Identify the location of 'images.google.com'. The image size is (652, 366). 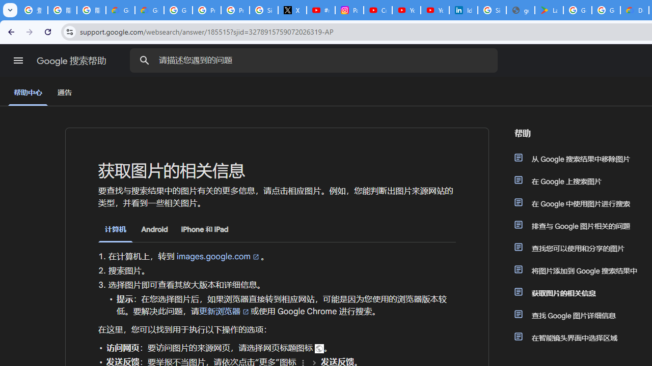
(218, 256).